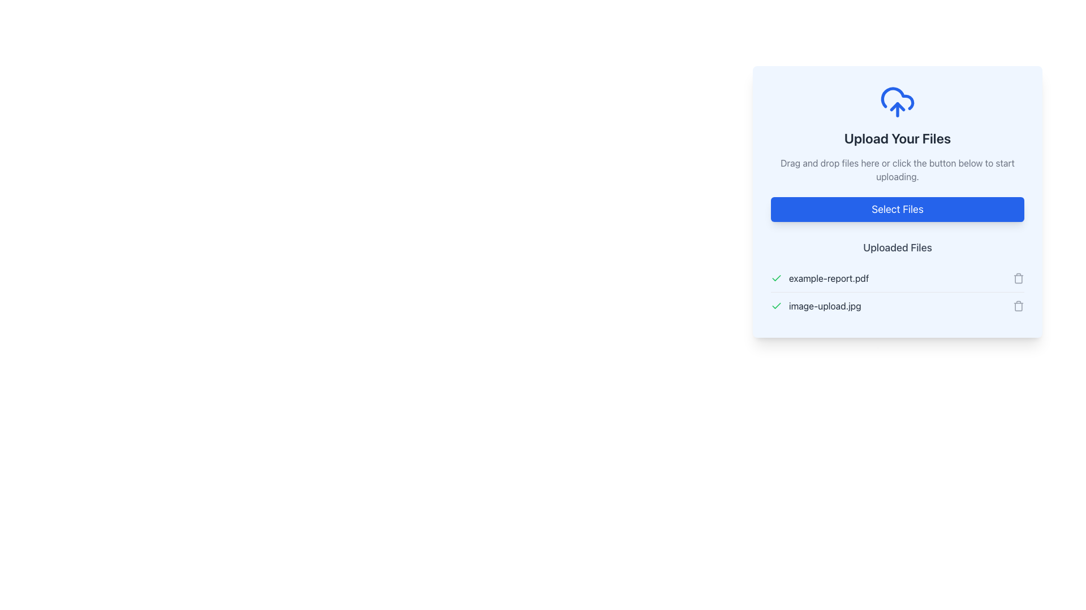 This screenshot has height=610, width=1086. What do you see at coordinates (897, 138) in the screenshot?
I see `the Header text which serves as the title for the file upload section, located directly below the cloud upload icon and above the descriptive text` at bounding box center [897, 138].